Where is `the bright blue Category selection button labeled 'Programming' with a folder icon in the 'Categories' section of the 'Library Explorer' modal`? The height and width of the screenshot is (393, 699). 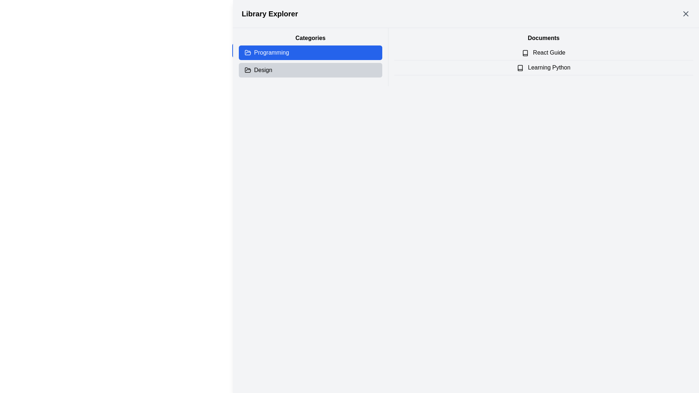
the bright blue Category selection button labeled 'Programming' with a folder icon in the 'Categories' section of the 'Library Explorer' modal is located at coordinates (252, 48).